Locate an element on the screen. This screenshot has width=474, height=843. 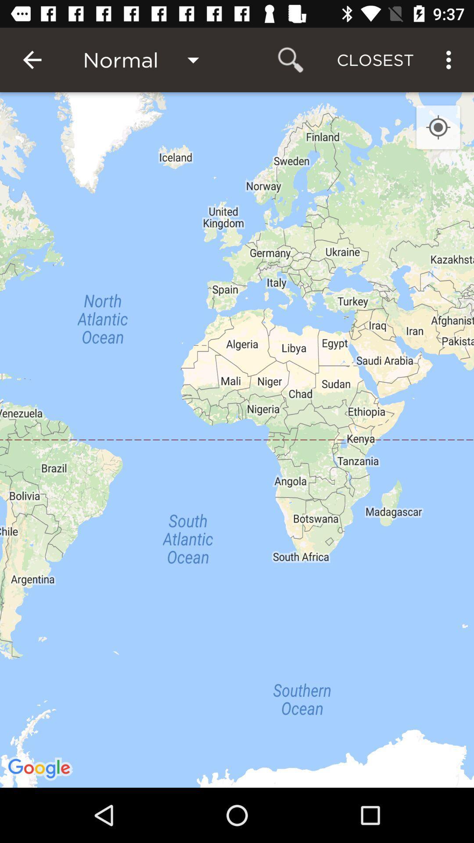
the location_crosshair icon is located at coordinates (438, 127).